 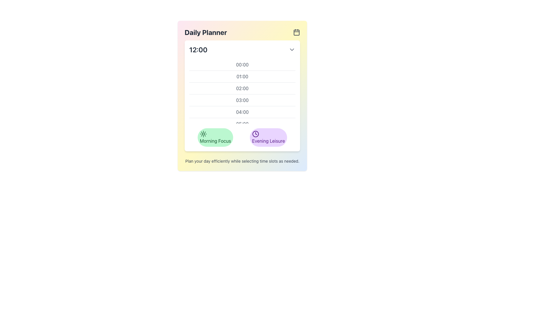 What do you see at coordinates (292, 49) in the screenshot?
I see `the Dropdown Trigger Icon located in the top-right corner of the white box under the heading '12:00'` at bounding box center [292, 49].